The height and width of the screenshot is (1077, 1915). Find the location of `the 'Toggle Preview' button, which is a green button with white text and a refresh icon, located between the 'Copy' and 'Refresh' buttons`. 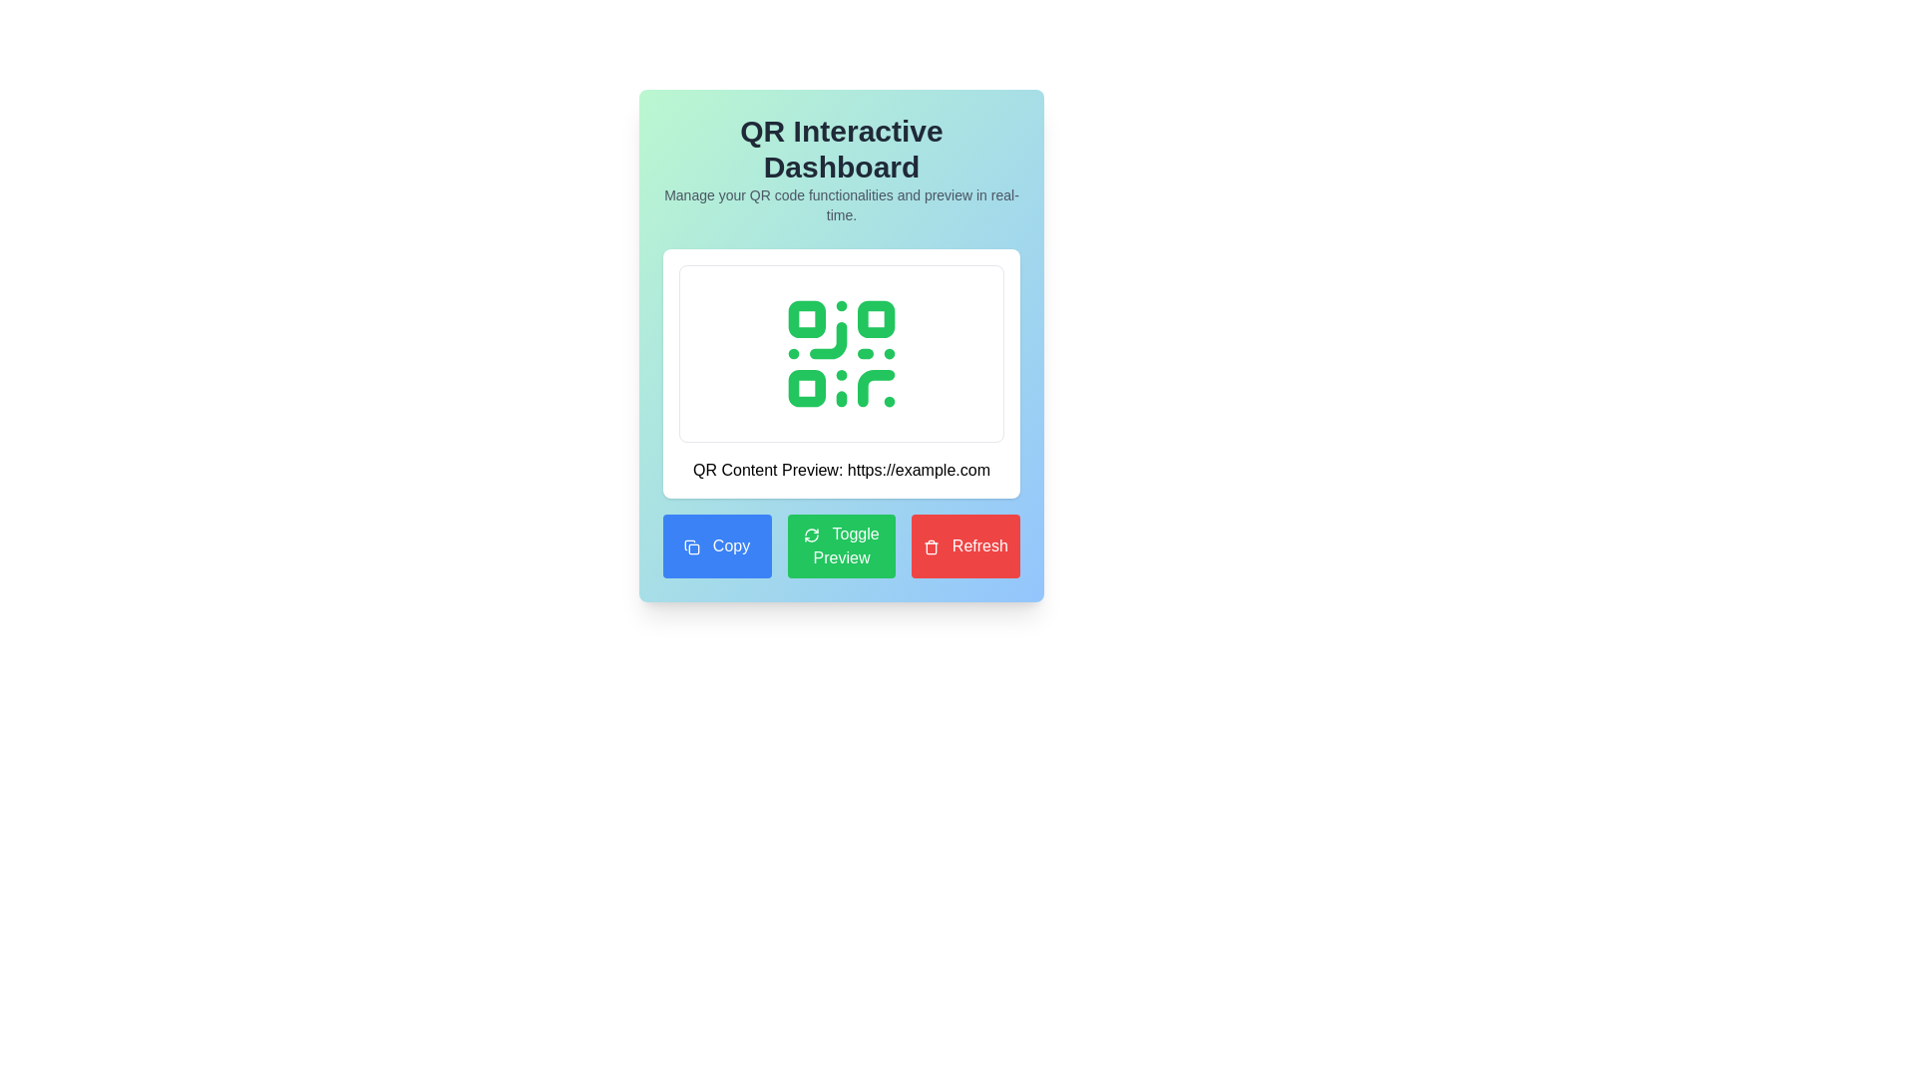

the 'Toggle Preview' button, which is a green button with white text and a refresh icon, located between the 'Copy' and 'Refresh' buttons is located at coordinates (842, 545).